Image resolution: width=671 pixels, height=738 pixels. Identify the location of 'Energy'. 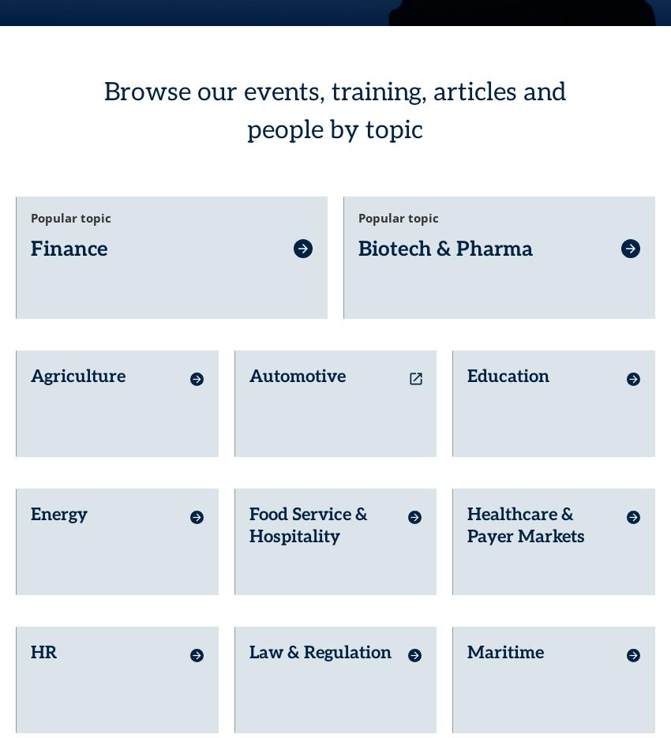
(58, 486).